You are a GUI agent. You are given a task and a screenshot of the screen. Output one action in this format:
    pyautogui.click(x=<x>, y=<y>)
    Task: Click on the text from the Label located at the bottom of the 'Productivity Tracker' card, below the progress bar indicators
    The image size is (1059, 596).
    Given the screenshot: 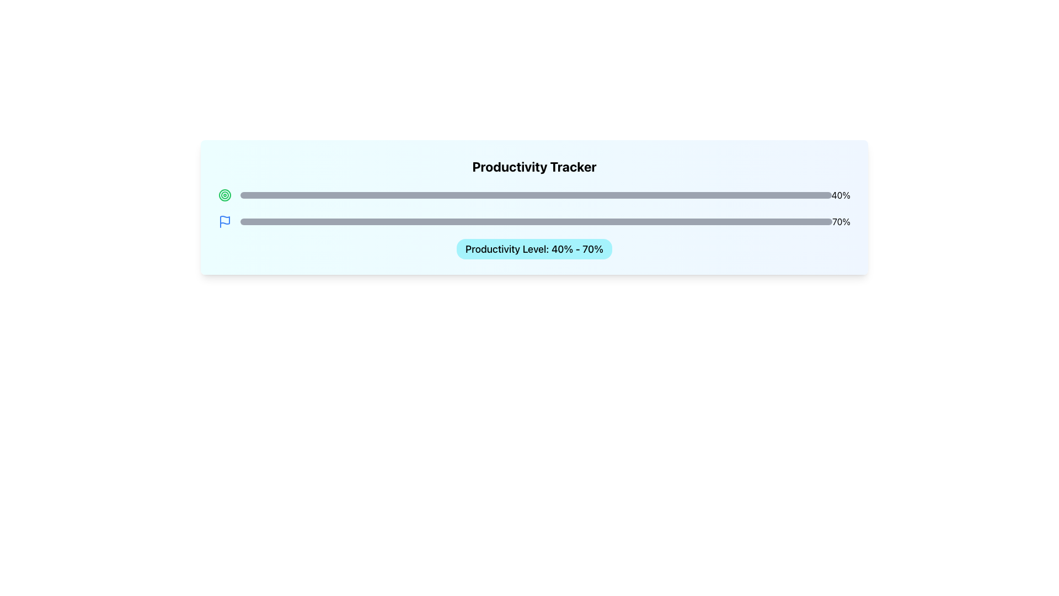 What is the action you would take?
    pyautogui.click(x=534, y=249)
    